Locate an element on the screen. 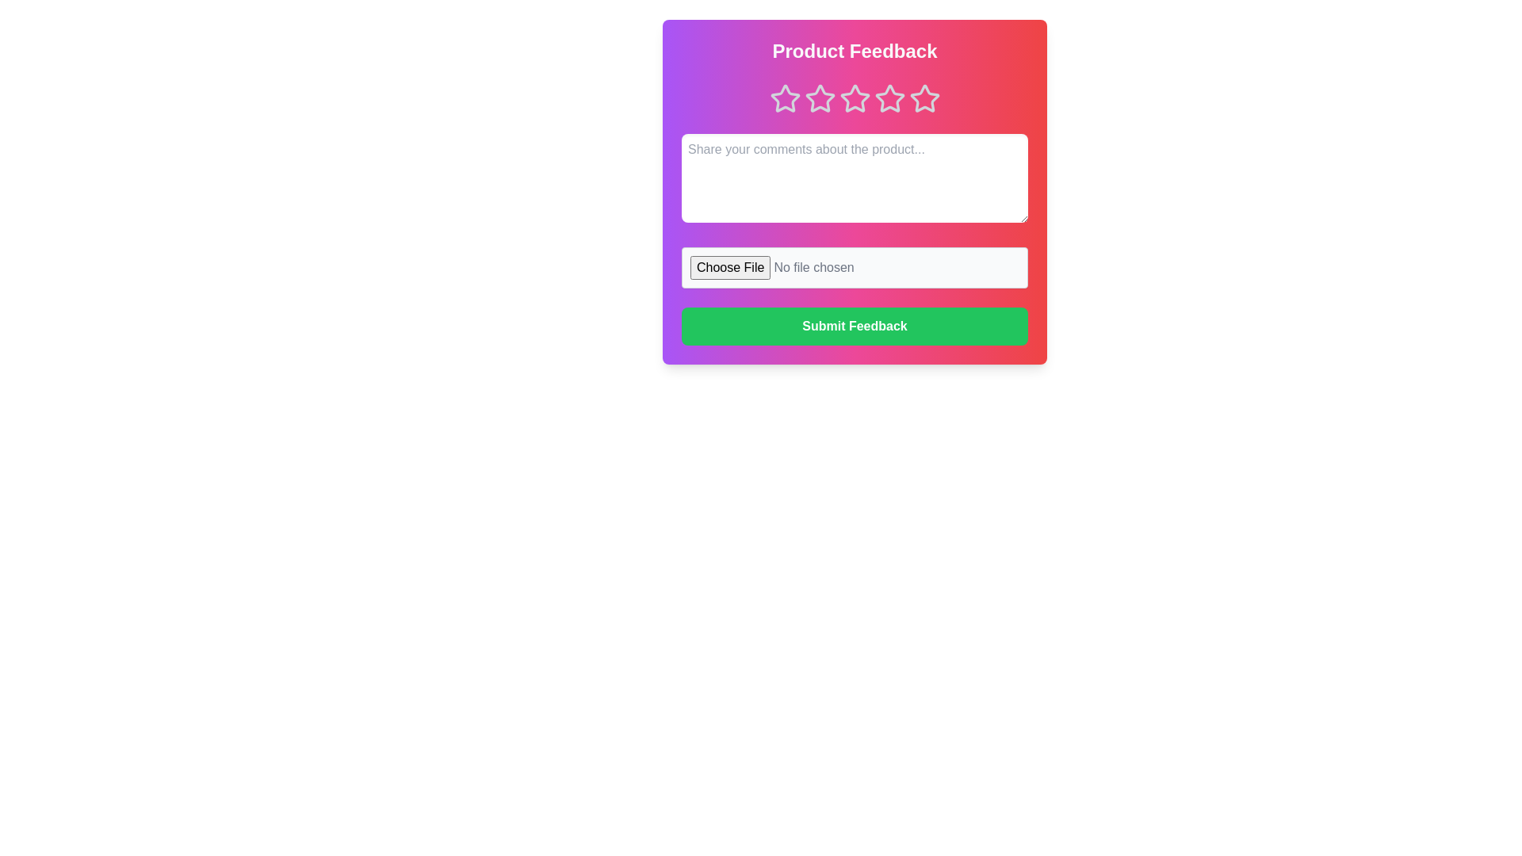 This screenshot has width=1522, height=856. the active third star icon in the rating system is located at coordinates (854, 98).